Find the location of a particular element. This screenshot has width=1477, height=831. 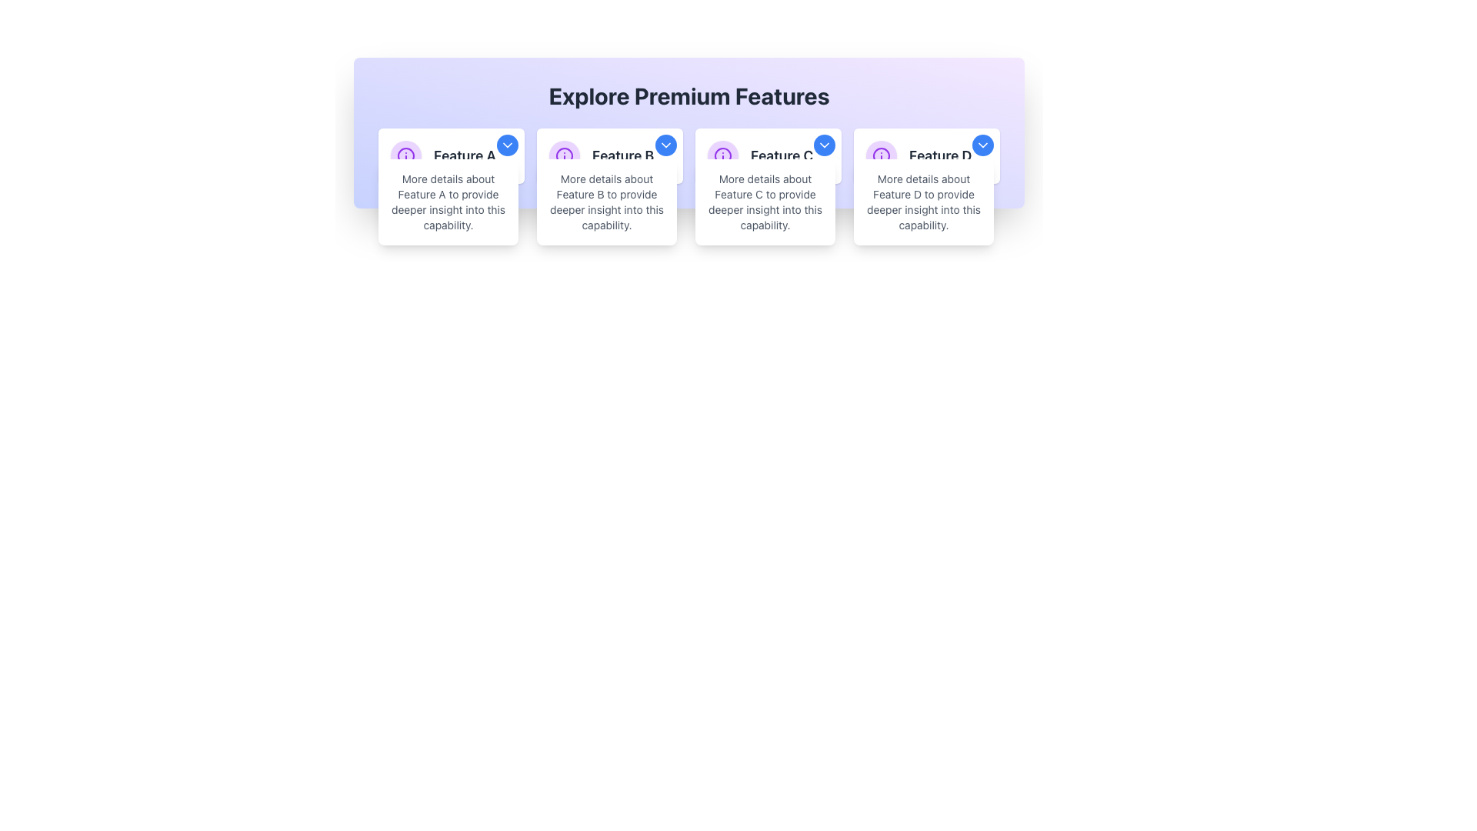

the static text label containing the description 'More details about Feature A to provide deeper insight into this capability.' which is located below the header 'Feature A' is located at coordinates (447, 201).